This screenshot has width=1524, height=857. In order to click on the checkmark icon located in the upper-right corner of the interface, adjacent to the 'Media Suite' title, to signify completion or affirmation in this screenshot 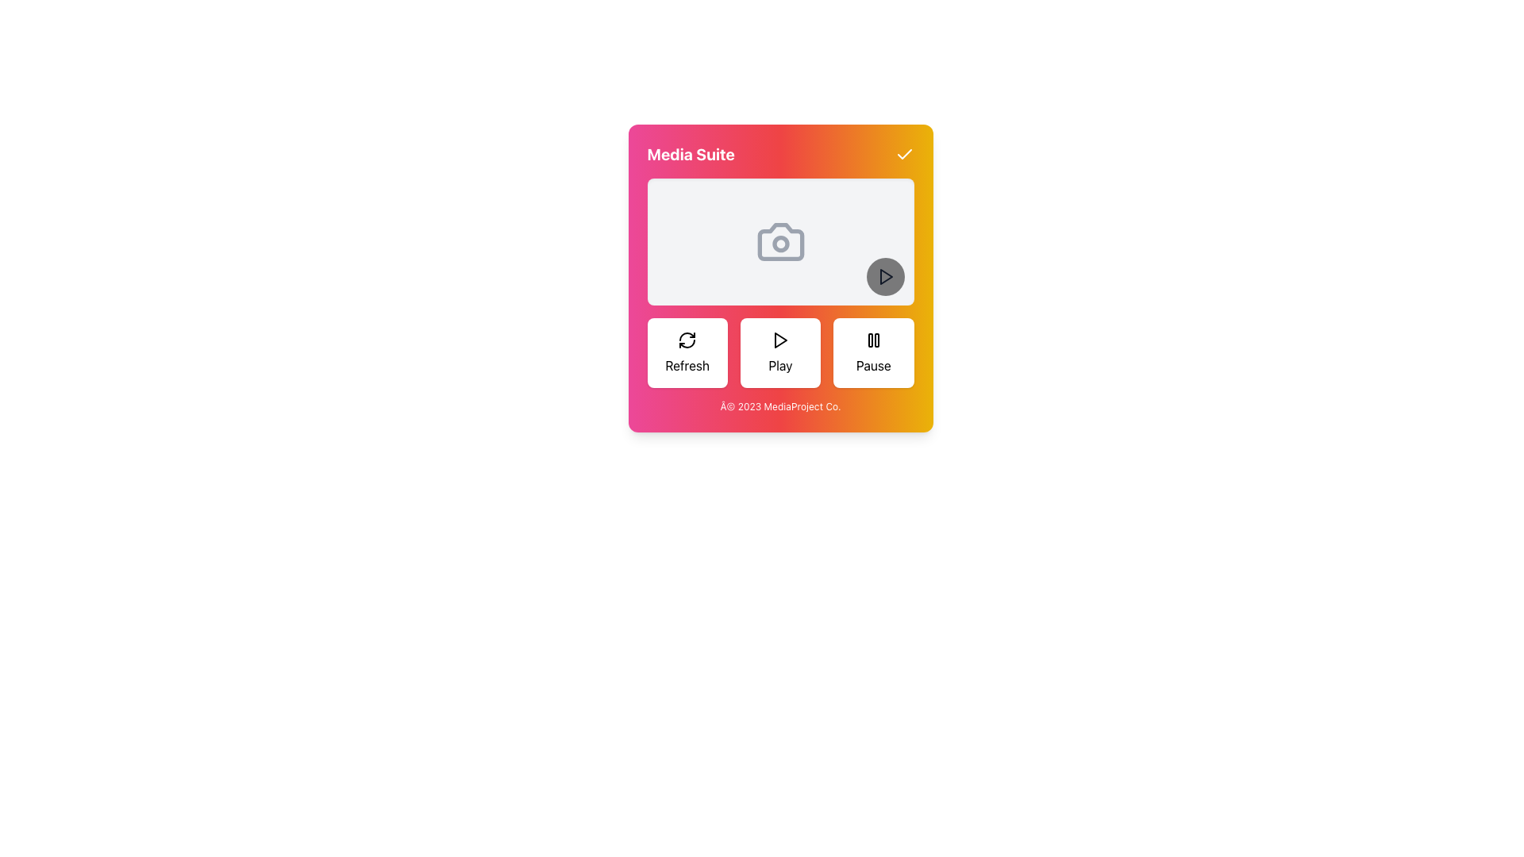, I will do `click(904, 154)`.